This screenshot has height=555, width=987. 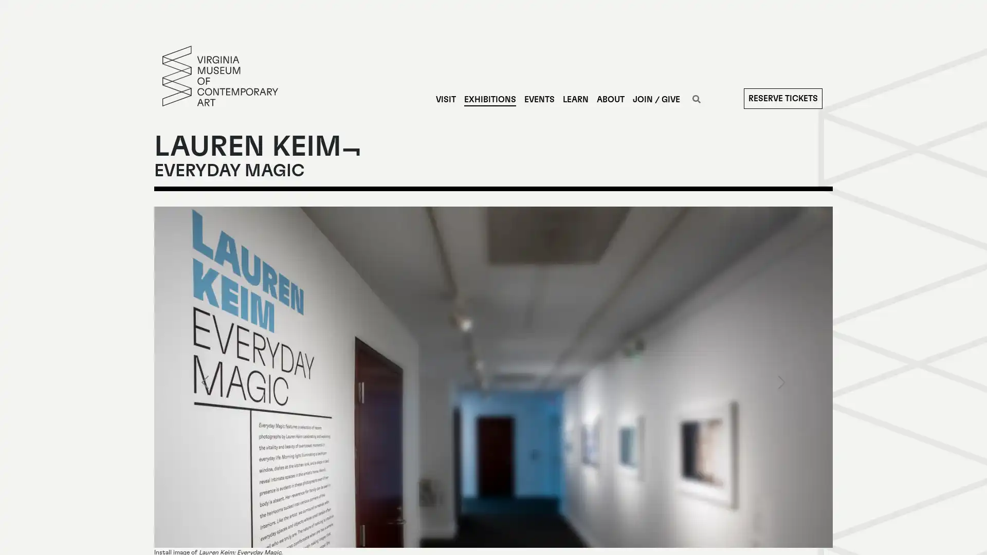 I want to click on ABOUT, so click(x=610, y=99).